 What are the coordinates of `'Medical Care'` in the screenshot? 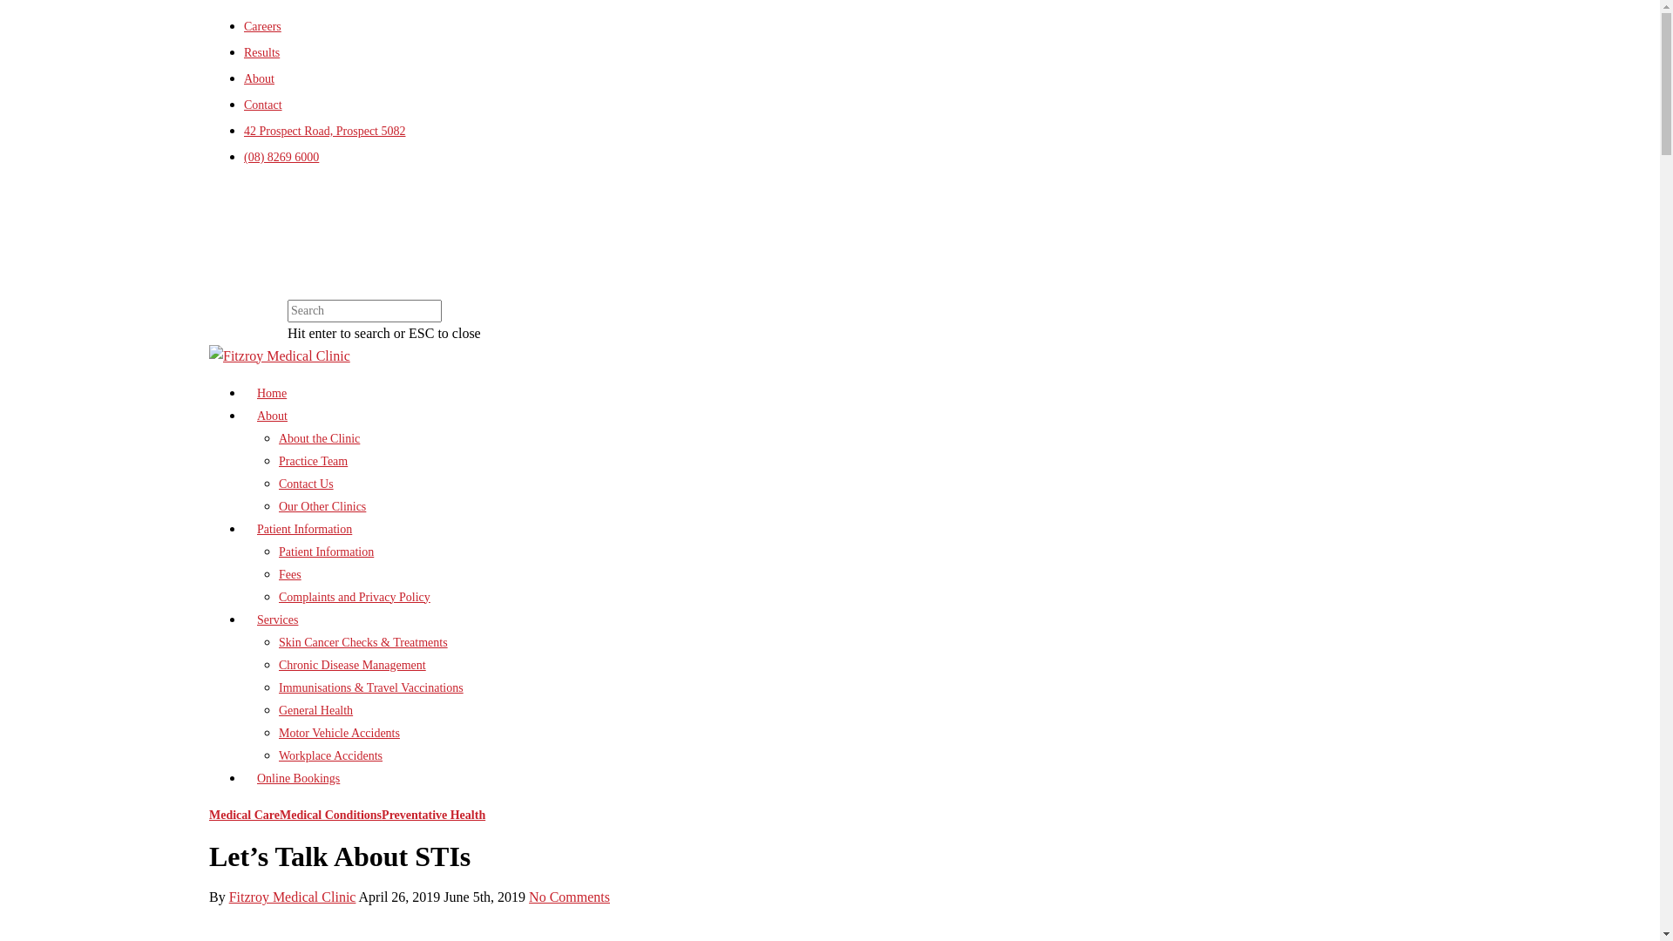 It's located at (209, 815).